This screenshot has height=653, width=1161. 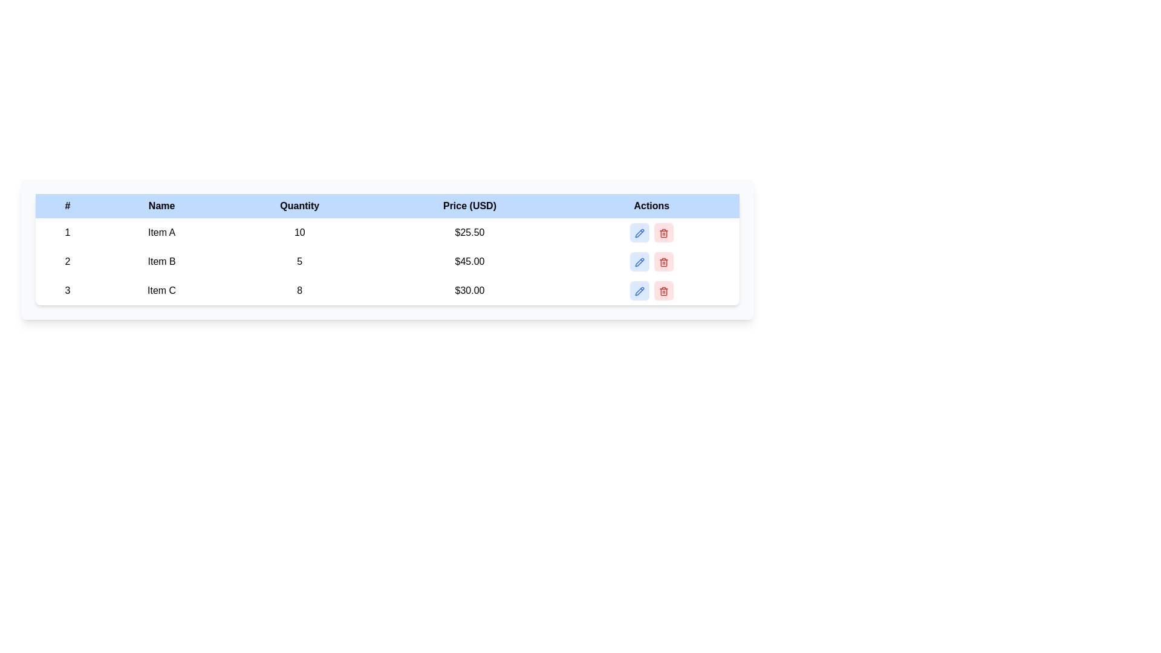 I want to click on the text label that reads 'Actions', styled with bold black text on a light blue background, which is the last header in the table structure, so click(x=651, y=205).